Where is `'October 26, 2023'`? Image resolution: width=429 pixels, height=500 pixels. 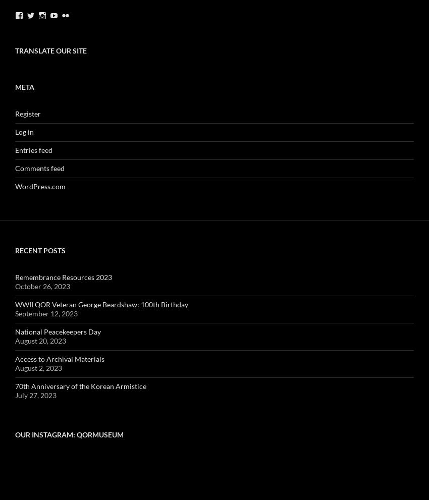 'October 26, 2023' is located at coordinates (15, 286).